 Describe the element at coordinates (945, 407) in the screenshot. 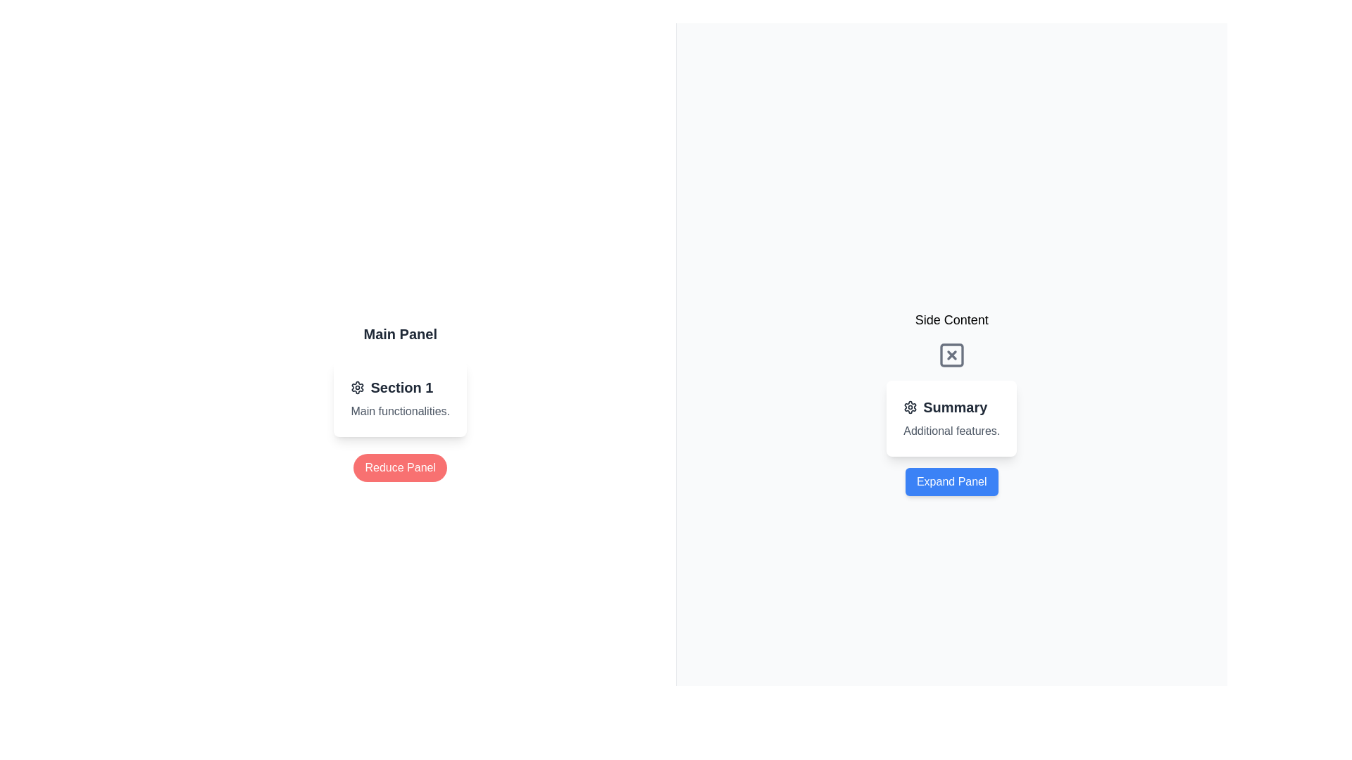

I see `the 'Summary' text header, which is prominently styled with bold, large dark text and an adjacent settings icon, located in the 'Side Content' section of the interface` at that location.